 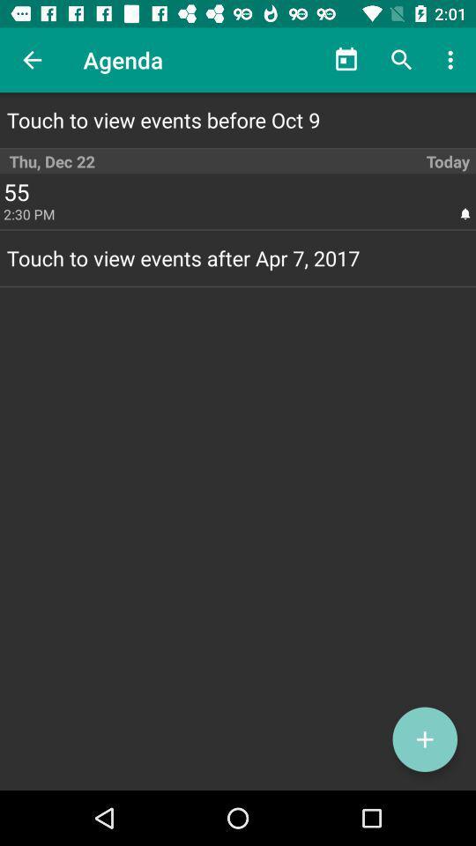 What do you see at coordinates (424, 739) in the screenshot?
I see `new event` at bounding box center [424, 739].